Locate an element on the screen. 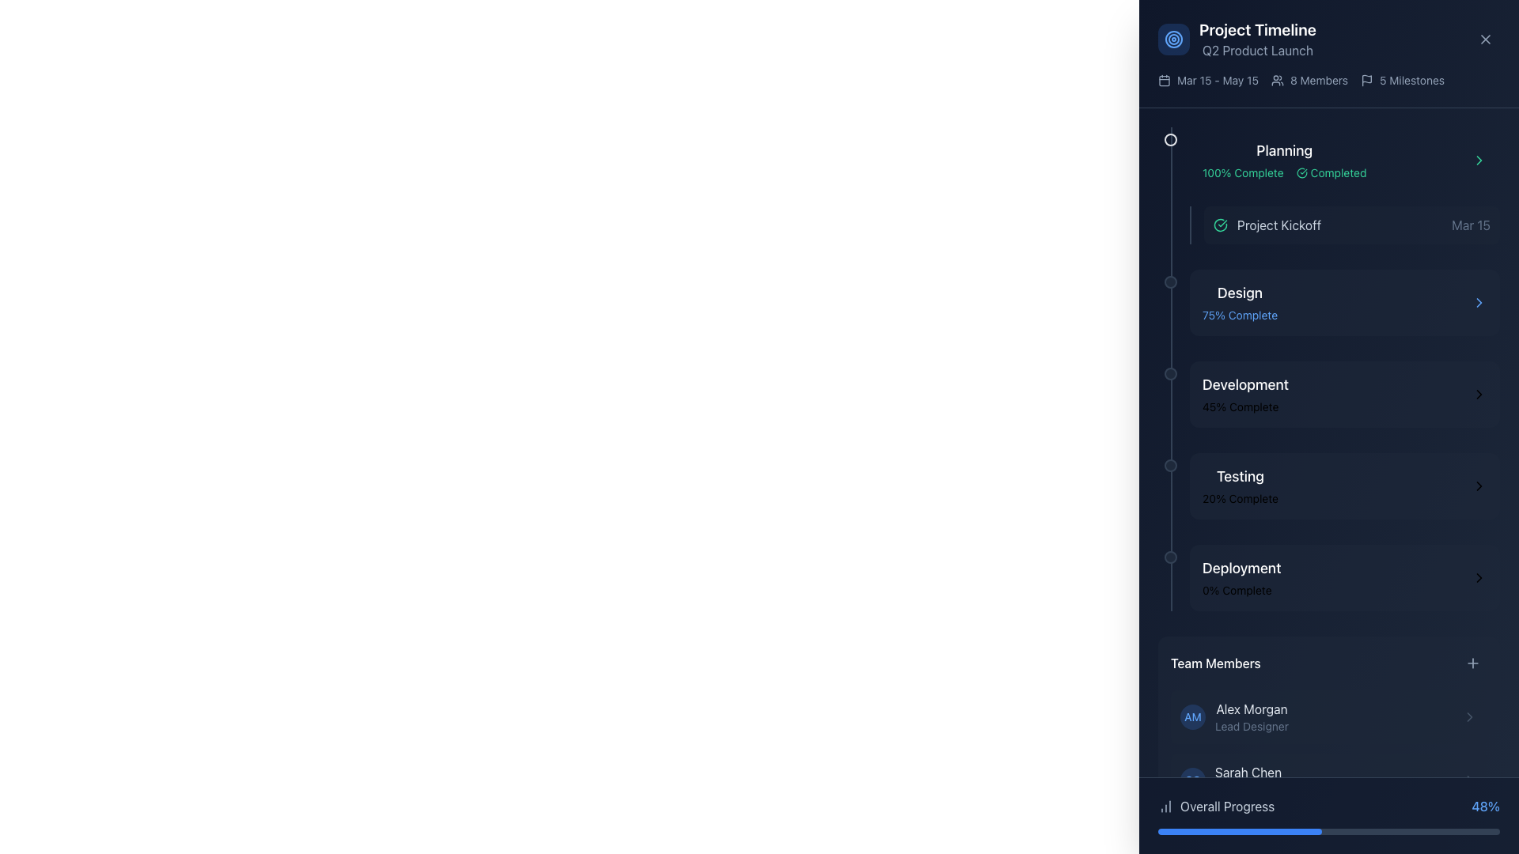  the Profile card representing the second team member is located at coordinates (1329, 780).